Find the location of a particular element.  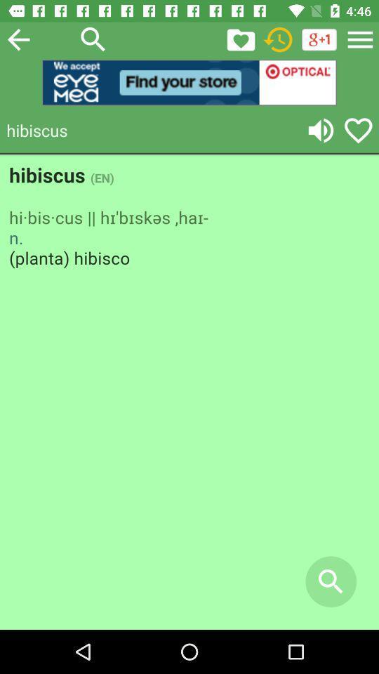

the arrow_backward icon is located at coordinates (18, 39).